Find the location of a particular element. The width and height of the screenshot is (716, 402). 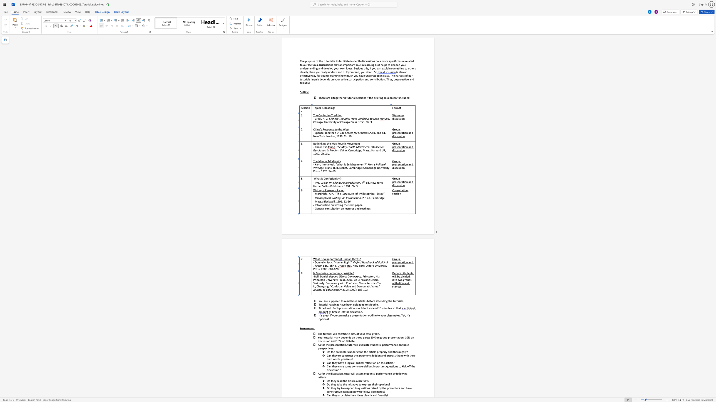

the 4th character "i" in the text is located at coordinates (335, 280).